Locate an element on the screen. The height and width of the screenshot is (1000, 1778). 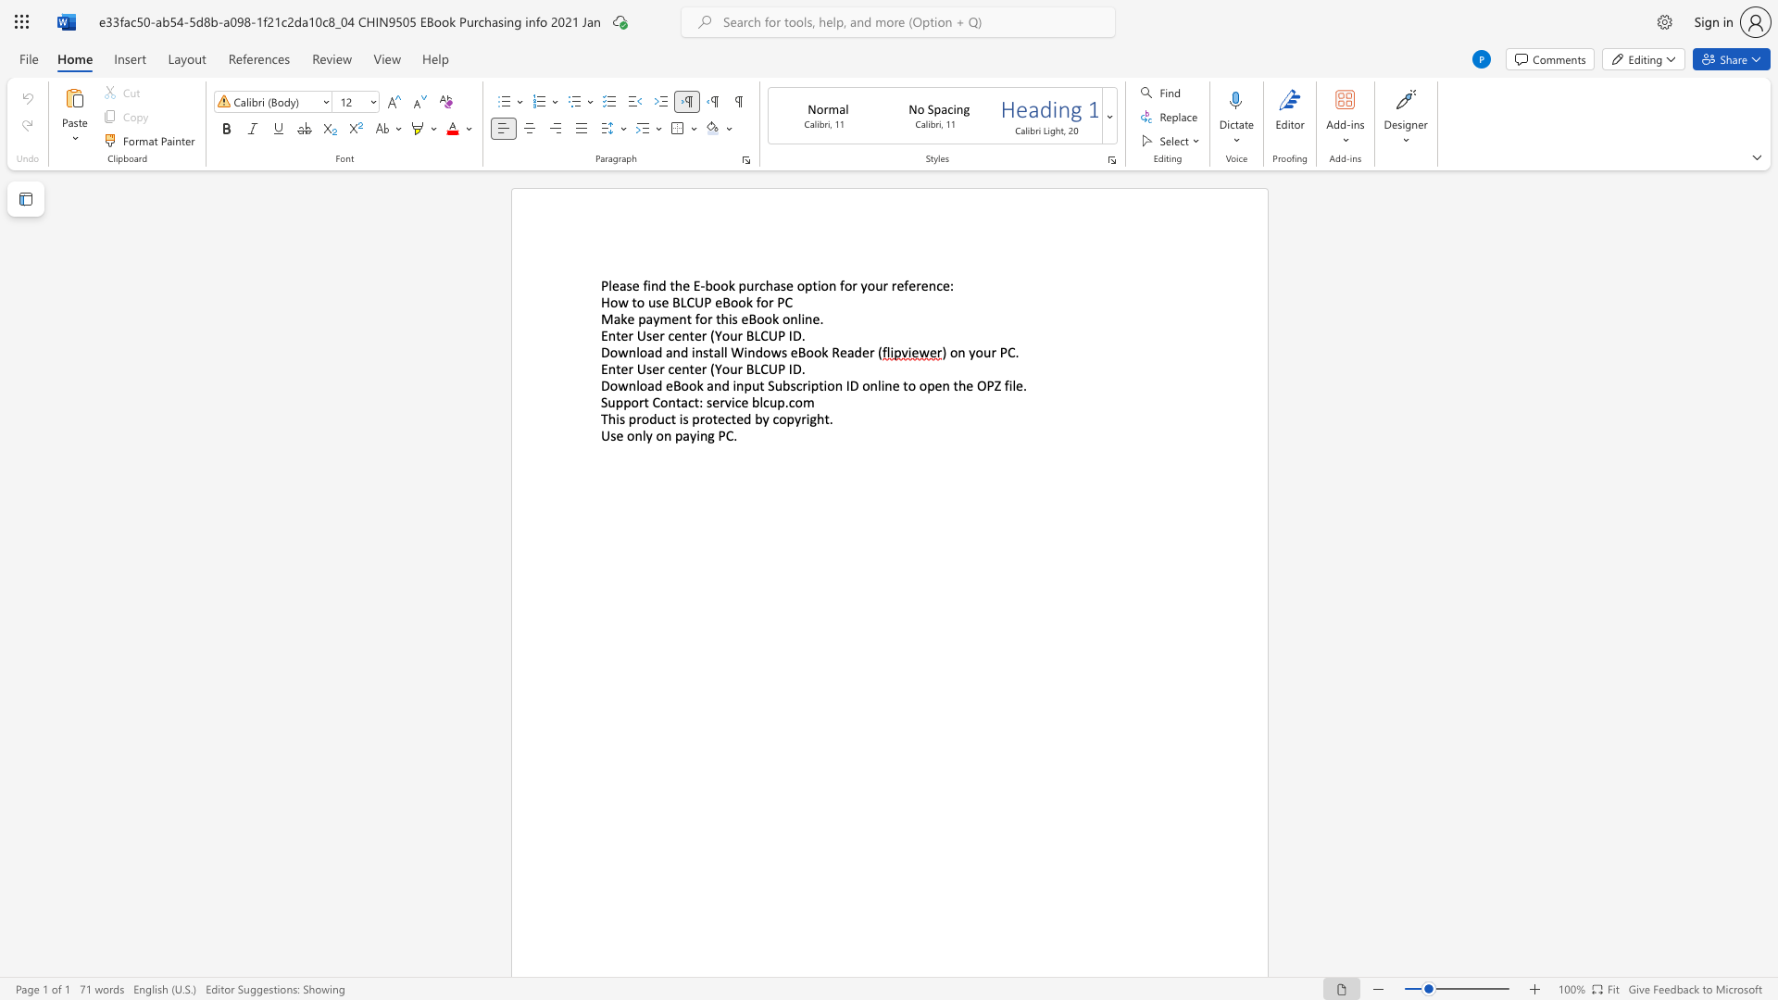
the subset text "our reference" within the text "for your reference:" is located at coordinates (866, 285).